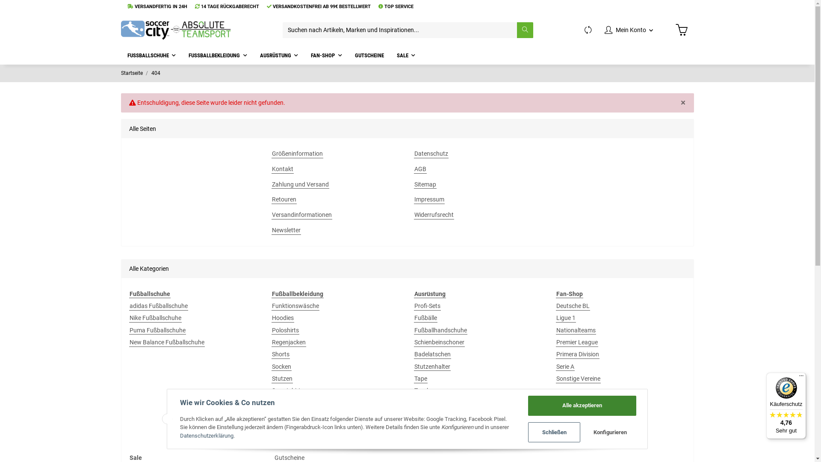  I want to click on 'Zahlung und Versand', so click(300, 184).